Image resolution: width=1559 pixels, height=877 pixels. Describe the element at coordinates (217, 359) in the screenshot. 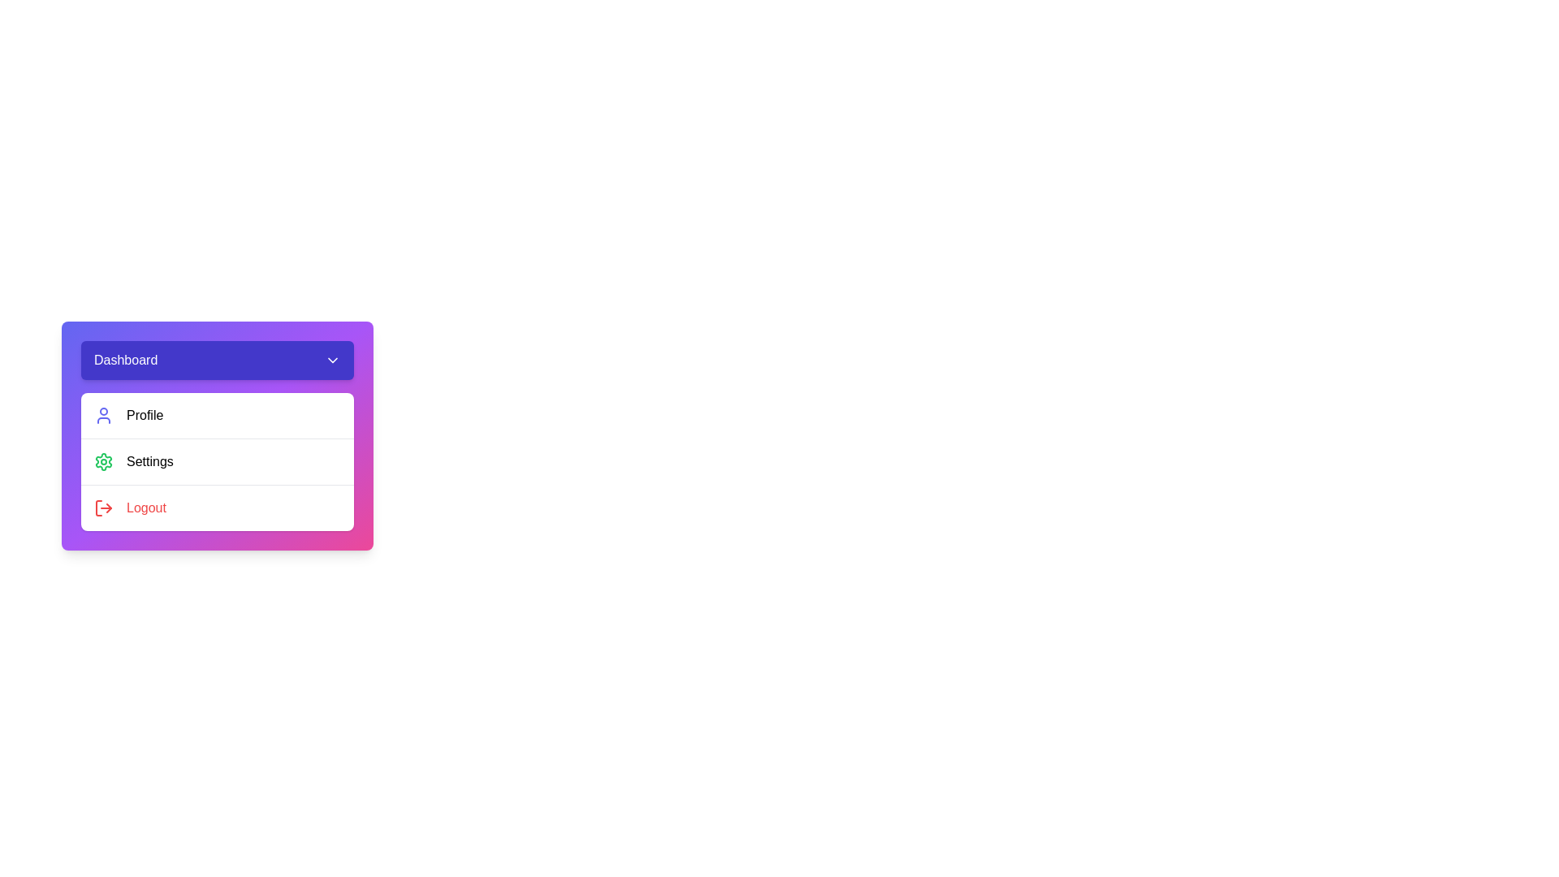

I see `the 'Dashboard' button to toggle the menu visibility` at that location.